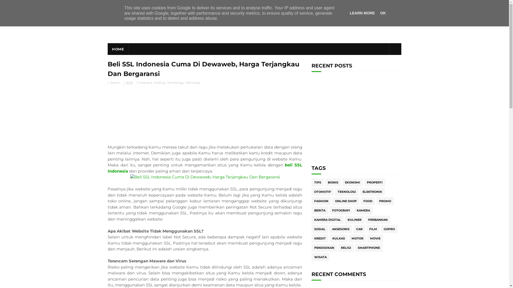 Image resolution: width=513 pixels, height=288 pixels. Describe the element at coordinates (320, 210) in the screenshot. I see `'BERITA'` at that location.